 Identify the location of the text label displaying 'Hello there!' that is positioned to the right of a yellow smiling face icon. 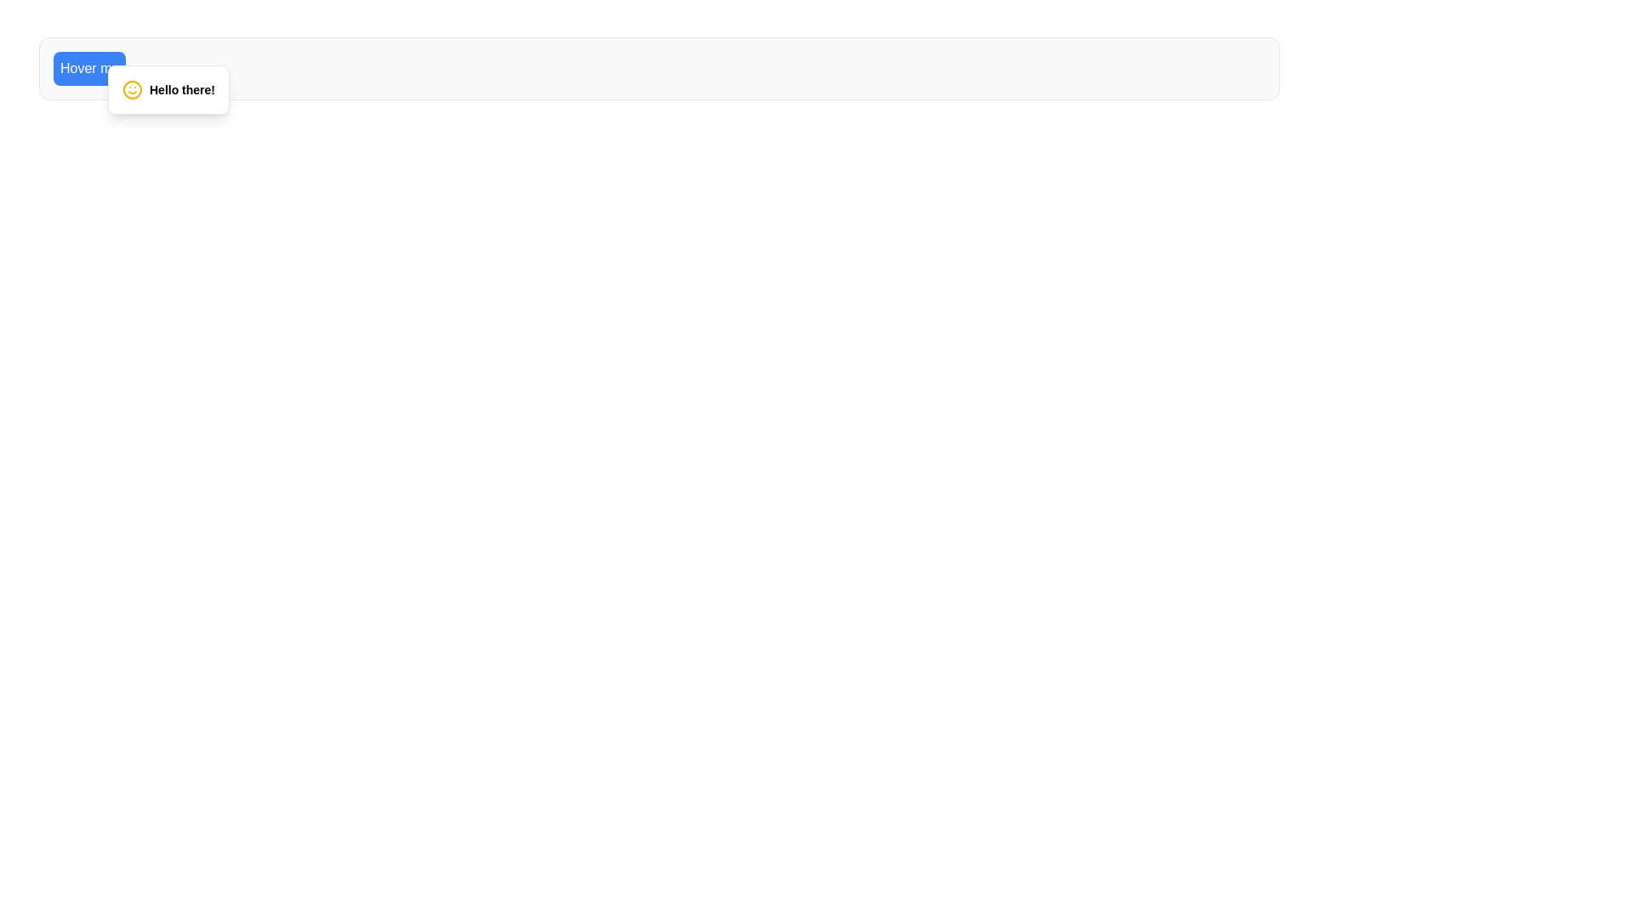
(182, 89).